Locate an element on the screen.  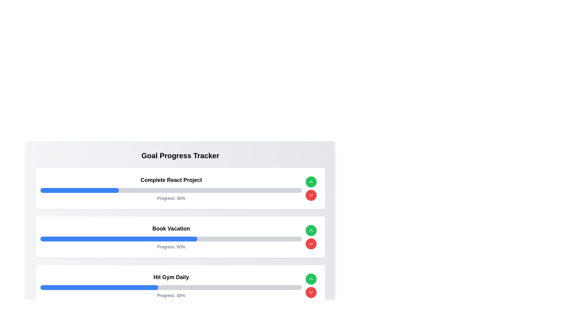
the text label displaying 'Progress: 45%' which is positioned below the progress bar for the task 'Hit Gym Daily' is located at coordinates (171, 295).